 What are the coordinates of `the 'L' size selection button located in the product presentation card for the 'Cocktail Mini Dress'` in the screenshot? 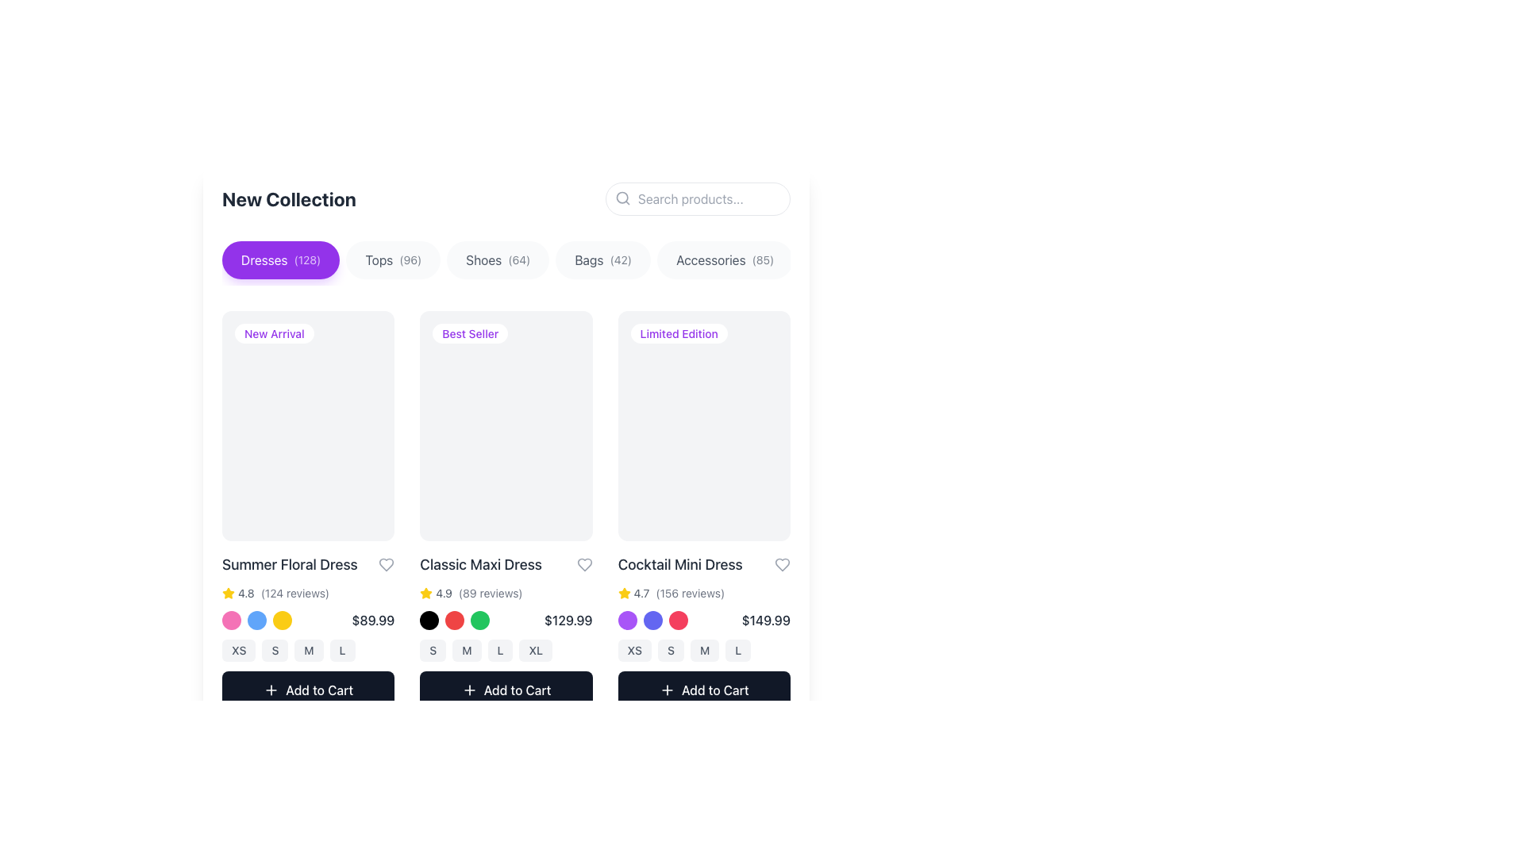 It's located at (737, 650).